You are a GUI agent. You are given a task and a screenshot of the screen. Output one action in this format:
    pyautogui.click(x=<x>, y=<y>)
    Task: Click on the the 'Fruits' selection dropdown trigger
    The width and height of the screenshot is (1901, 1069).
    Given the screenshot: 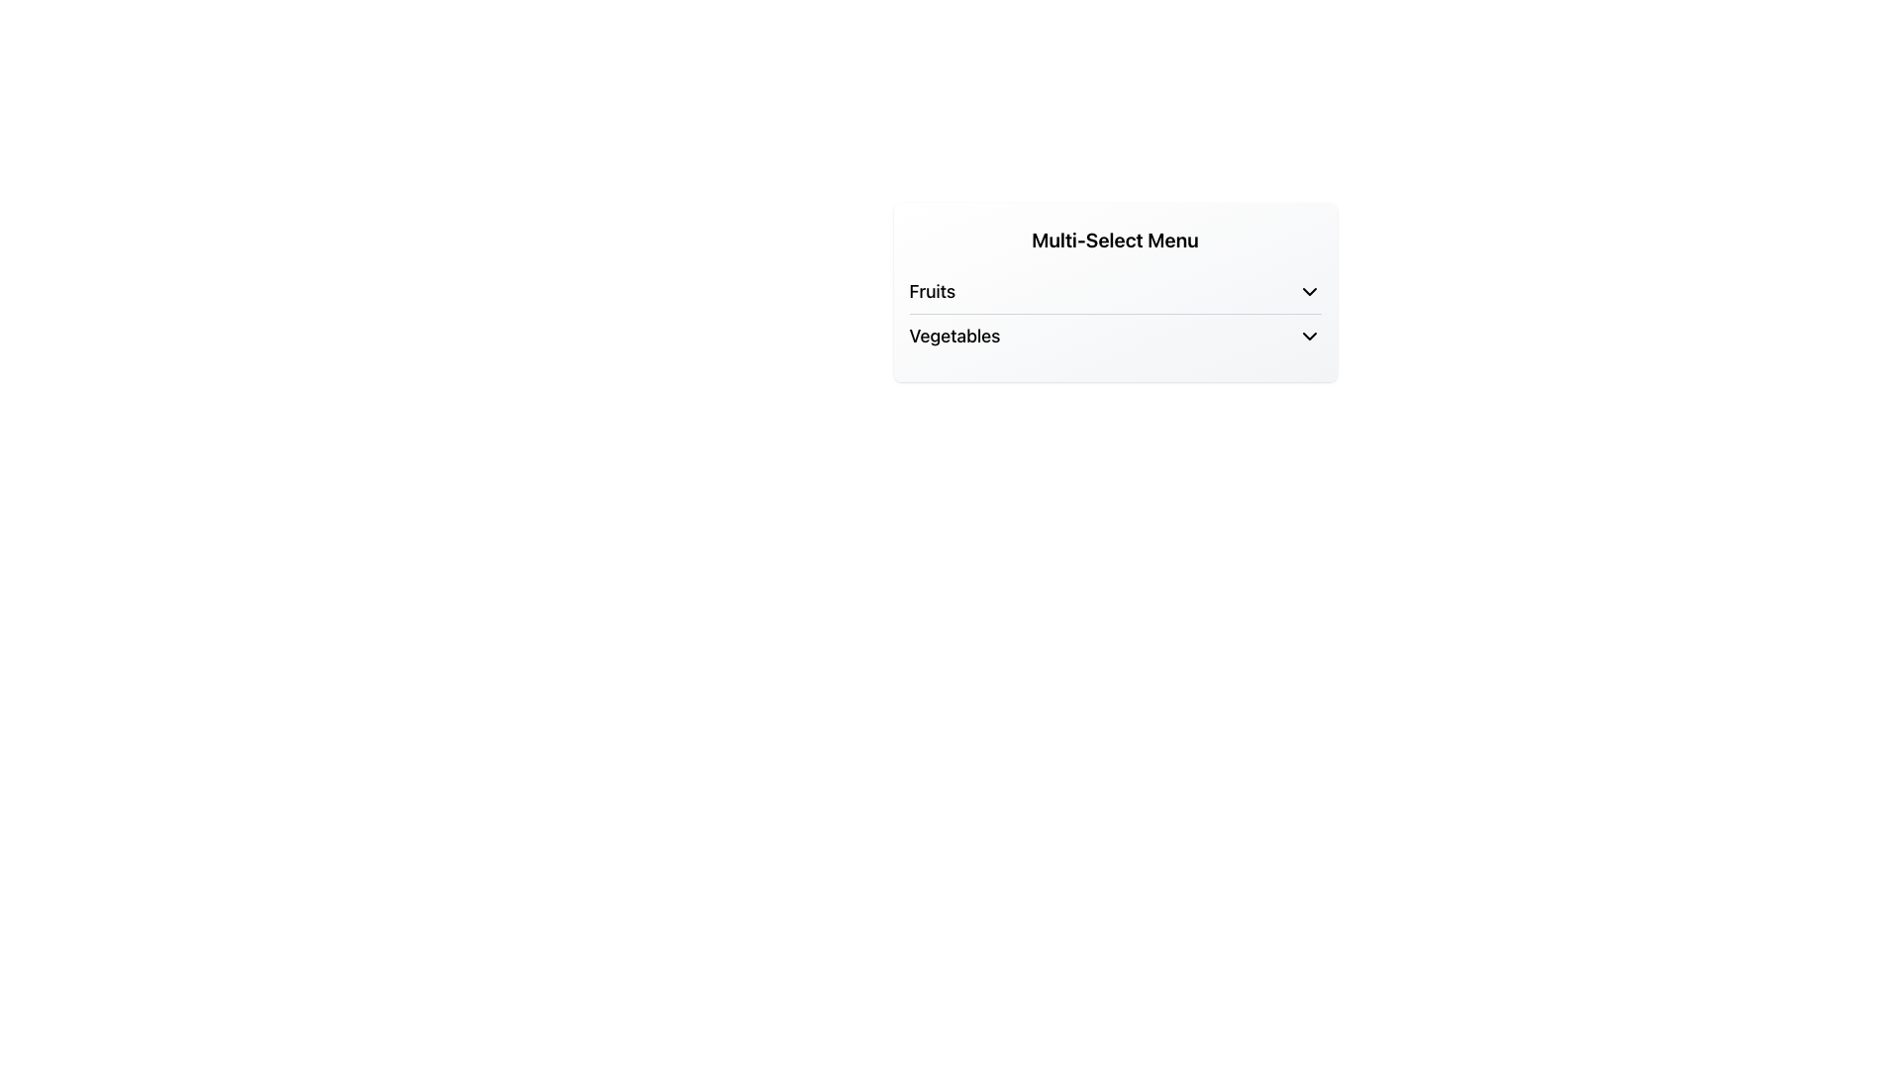 What is the action you would take?
    pyautogui.click(x=1115, y=291)
    